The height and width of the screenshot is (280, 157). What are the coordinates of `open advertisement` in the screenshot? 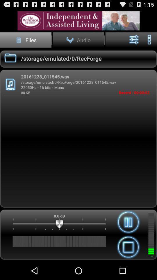 It's located at (78, 21).